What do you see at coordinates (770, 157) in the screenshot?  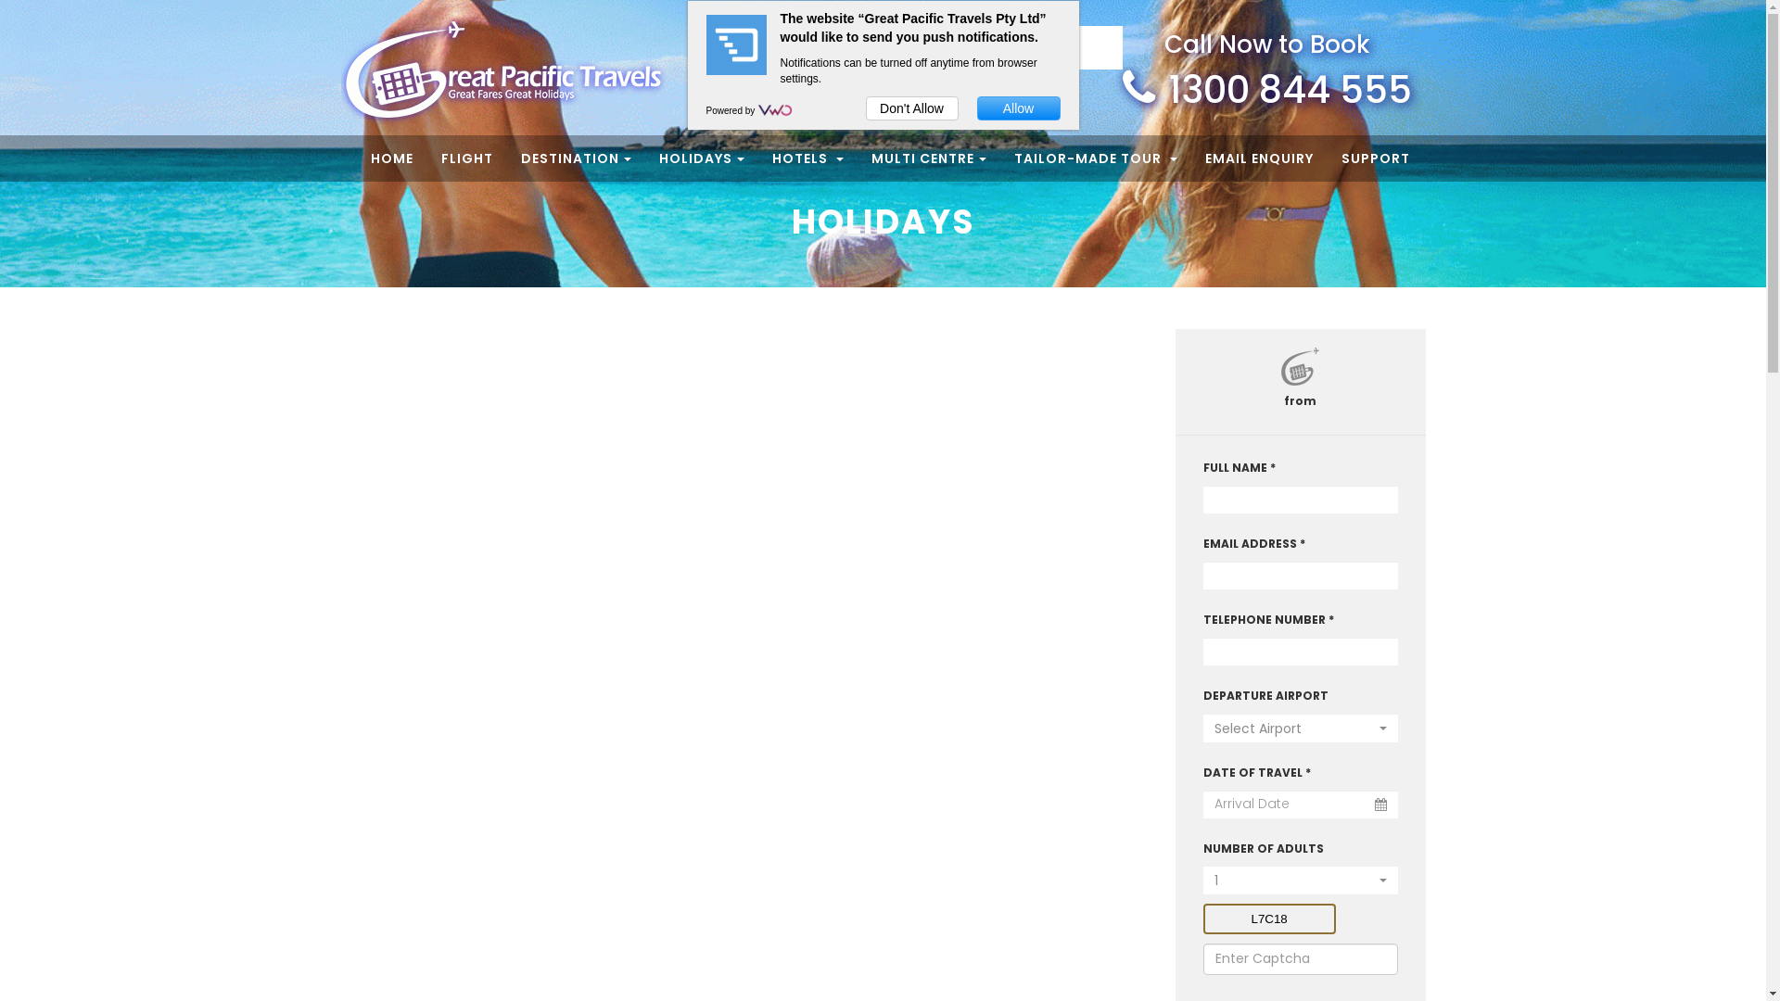 I see `'HOTELS'` at bounding box center [770, 157].